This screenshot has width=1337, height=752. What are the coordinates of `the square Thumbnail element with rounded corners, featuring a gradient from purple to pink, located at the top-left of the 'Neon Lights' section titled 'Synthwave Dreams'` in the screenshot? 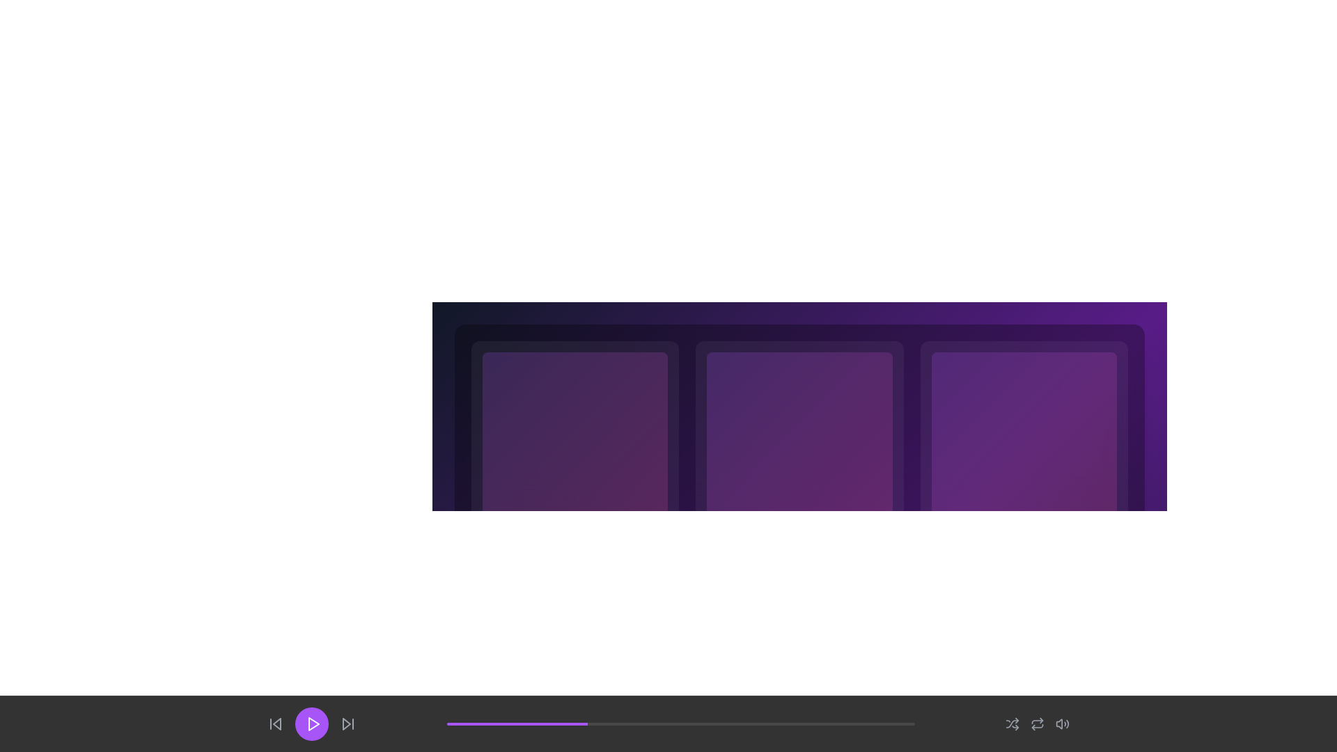 It's located at (575, 445).